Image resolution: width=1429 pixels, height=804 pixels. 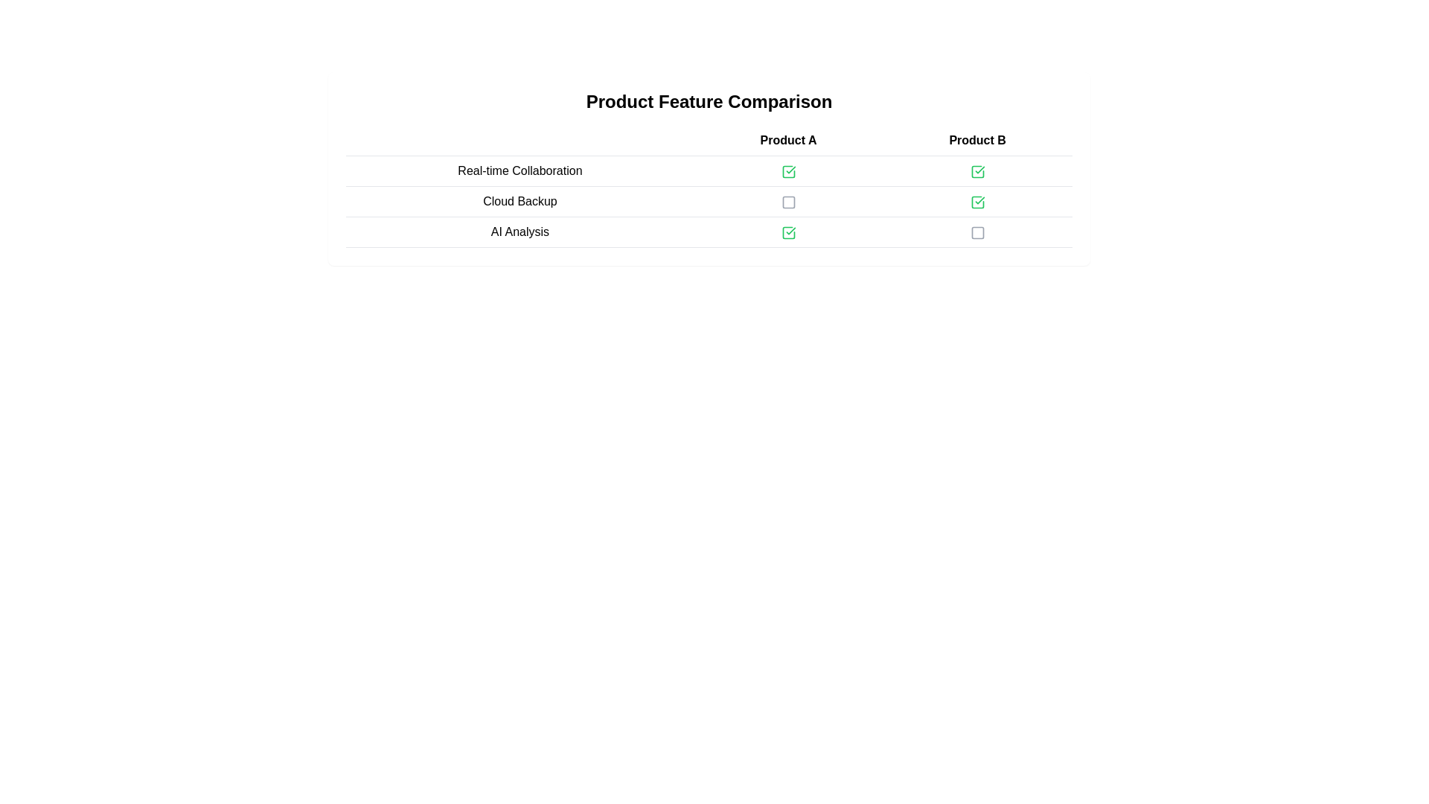 I want to click on the green checkmark icon inside the 'Product A' column for the 'Cloud Backup' feature in the second row of the 'Product Feature Comparison' table, so click(x=977, y=202).